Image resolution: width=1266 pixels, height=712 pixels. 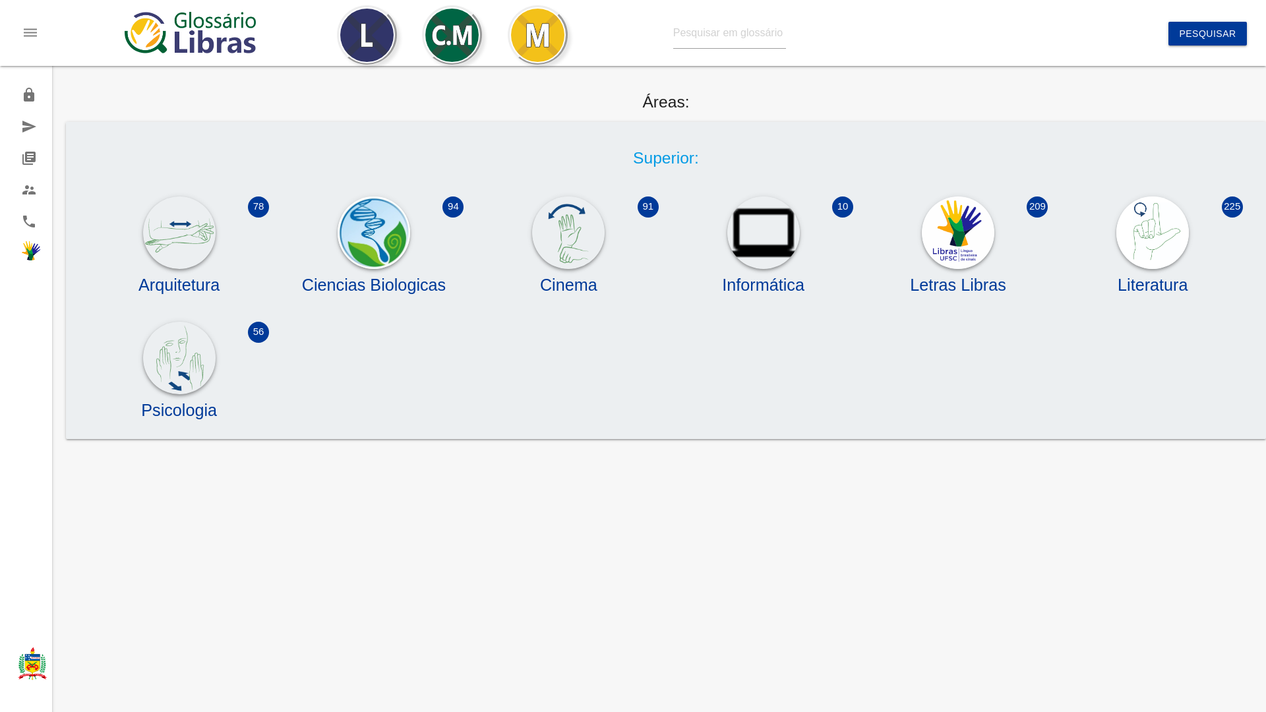 What do you see at coordinates (0, 220) in the screenshot?
I see `'call` at bounding box center [0, 220].